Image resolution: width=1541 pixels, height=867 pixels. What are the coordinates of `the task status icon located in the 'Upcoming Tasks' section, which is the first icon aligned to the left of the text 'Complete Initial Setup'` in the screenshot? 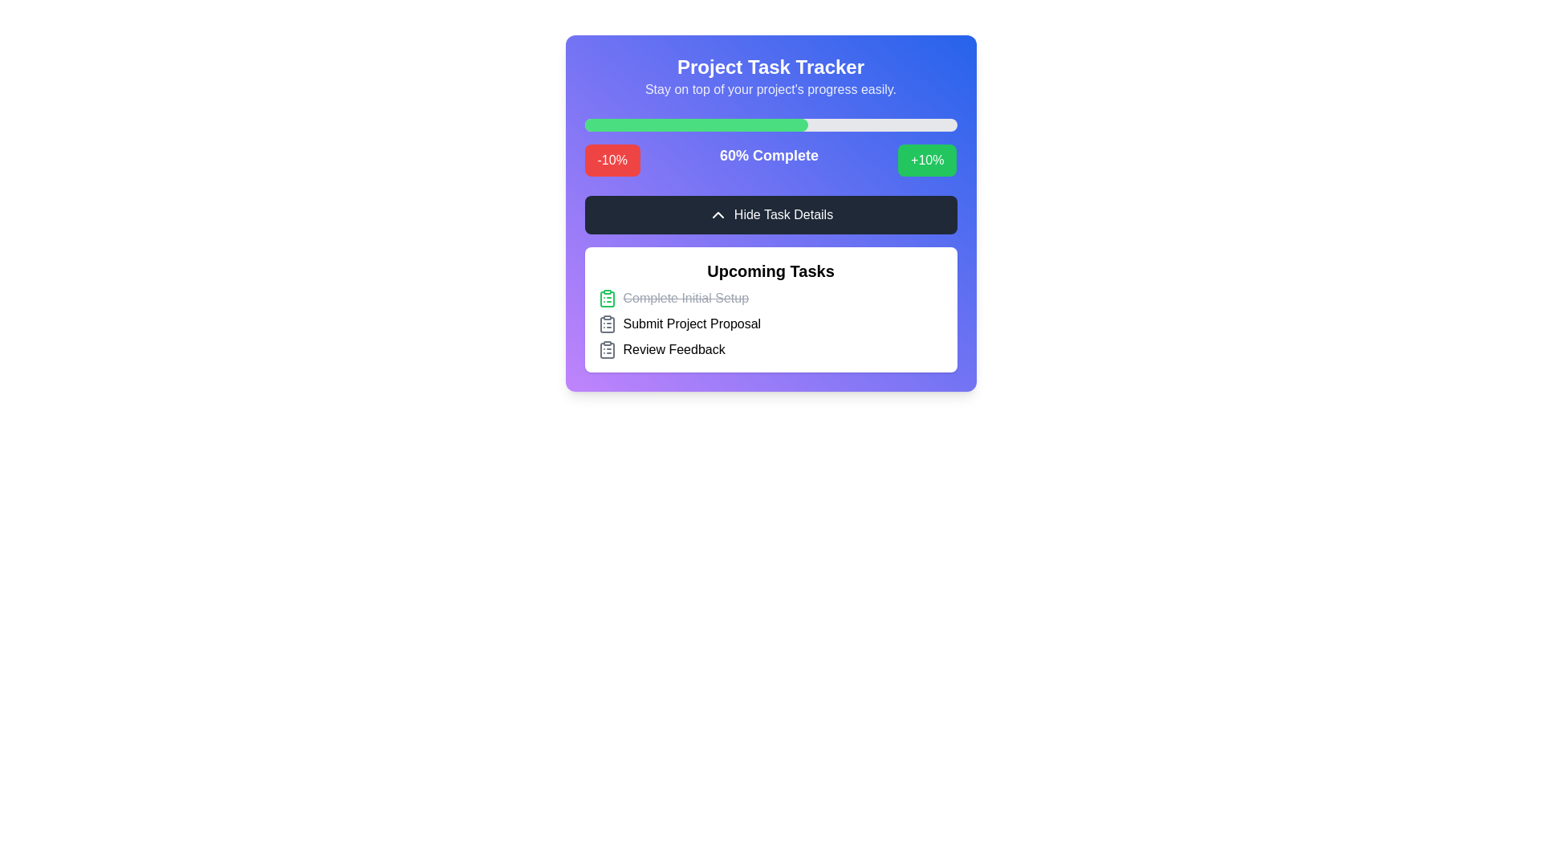 It's located at (606, 298).